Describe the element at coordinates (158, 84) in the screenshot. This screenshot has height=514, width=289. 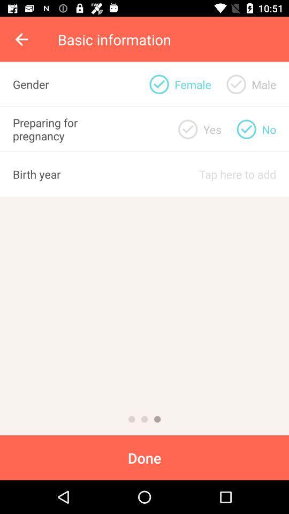
I see `item below the basic information icon` at that location.